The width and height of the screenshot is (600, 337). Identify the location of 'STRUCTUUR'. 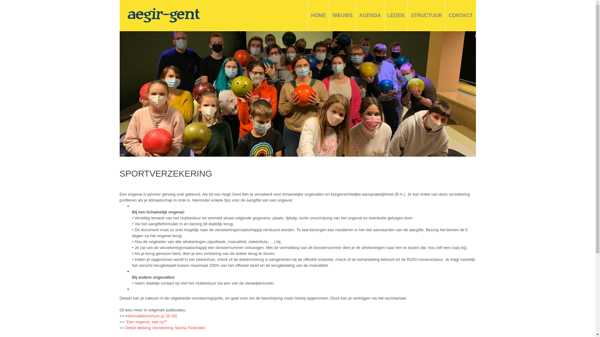
(426, 15).